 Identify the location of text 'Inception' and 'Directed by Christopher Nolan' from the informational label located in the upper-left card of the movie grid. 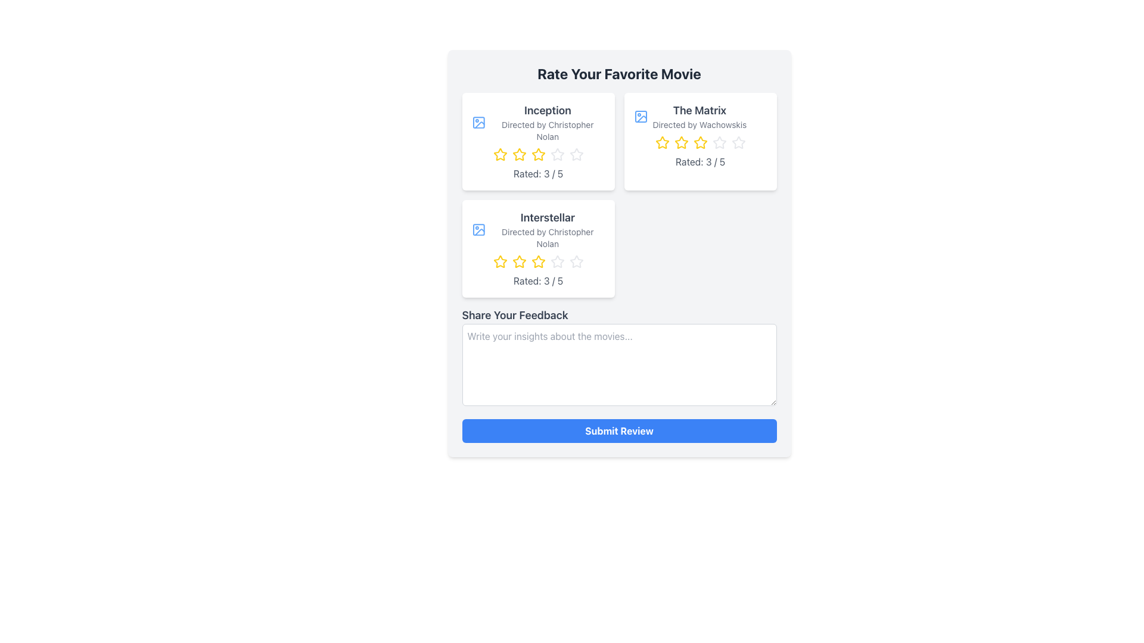
(547, 122).